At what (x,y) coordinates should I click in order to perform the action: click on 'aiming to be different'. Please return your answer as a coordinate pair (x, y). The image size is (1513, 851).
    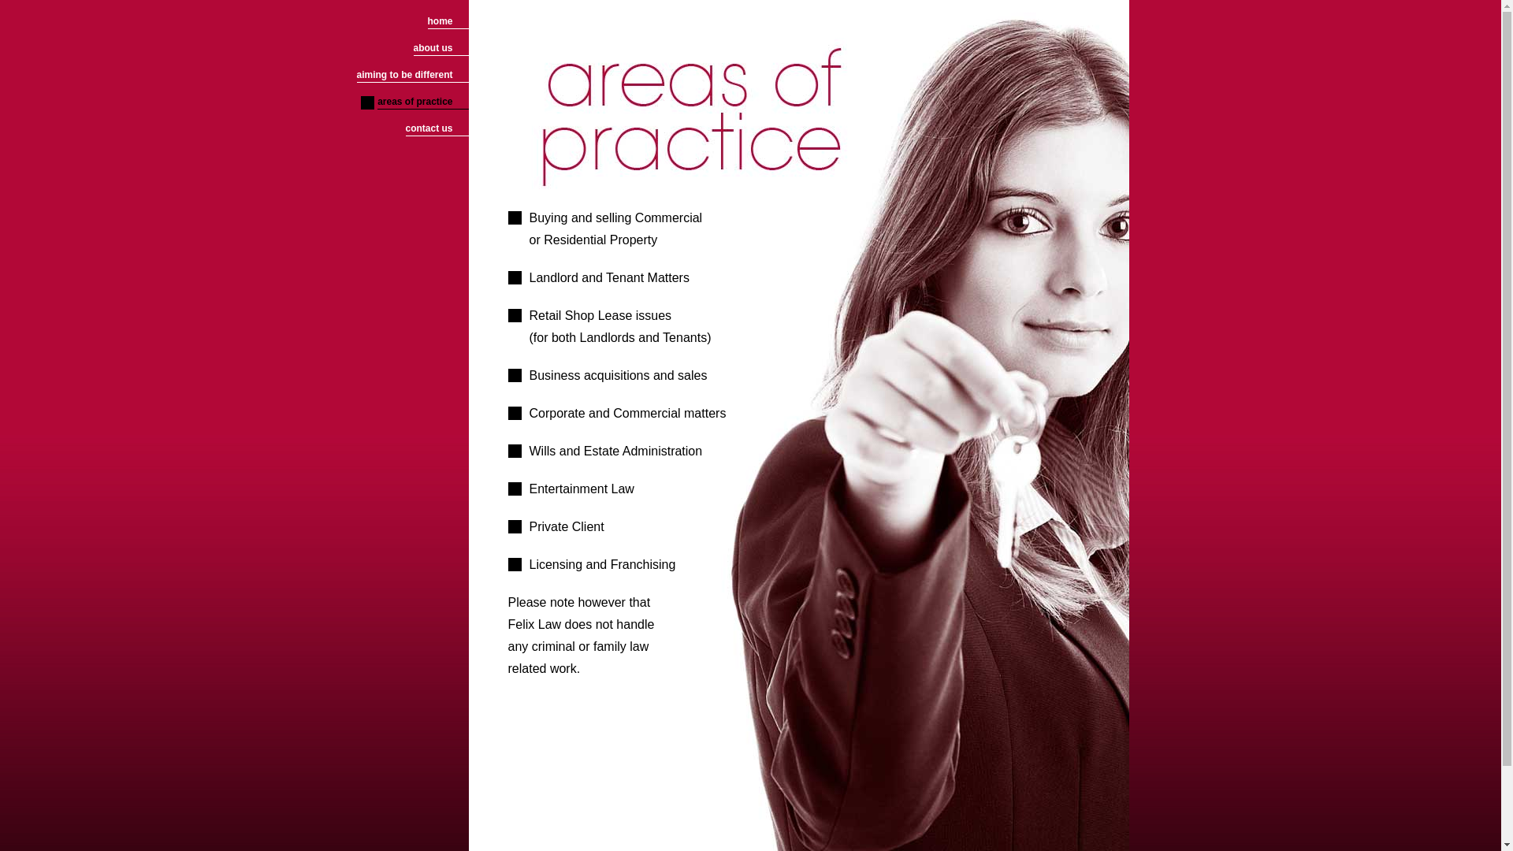
    Looking at the image, I should click on (412, 76).